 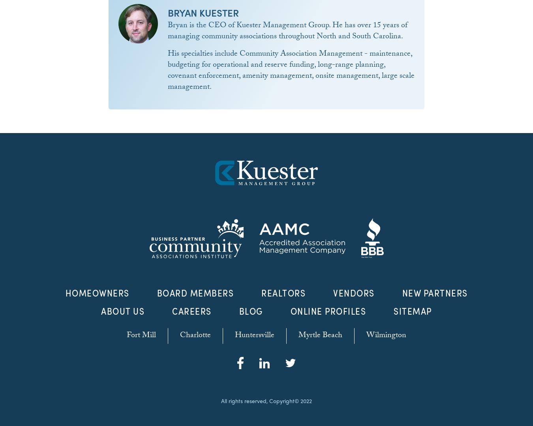 I want to click on 'Sitemap', so click(x=413, y=311).